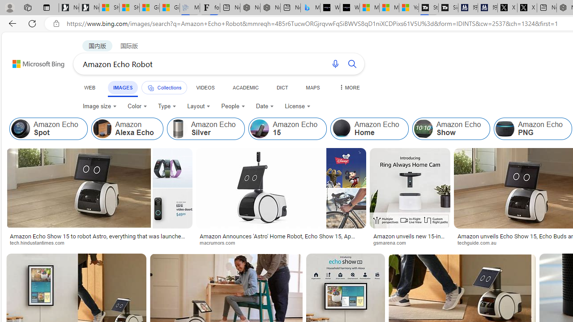 The width and height of the screenshot is (573, 322). What do you see at coordinates (451, 129) in the screenshot?
I see `'Amazon Echo Show'` at bounding box center [451, 129].